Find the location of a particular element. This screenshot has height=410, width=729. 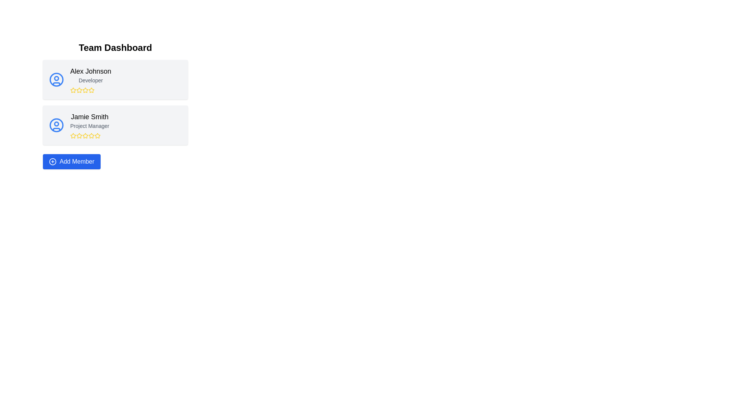

the first rating star icon, which is yellow and part of the rating system for 'Jamie Smith' under 'Project Manager' is located at coordinates (73, 136).